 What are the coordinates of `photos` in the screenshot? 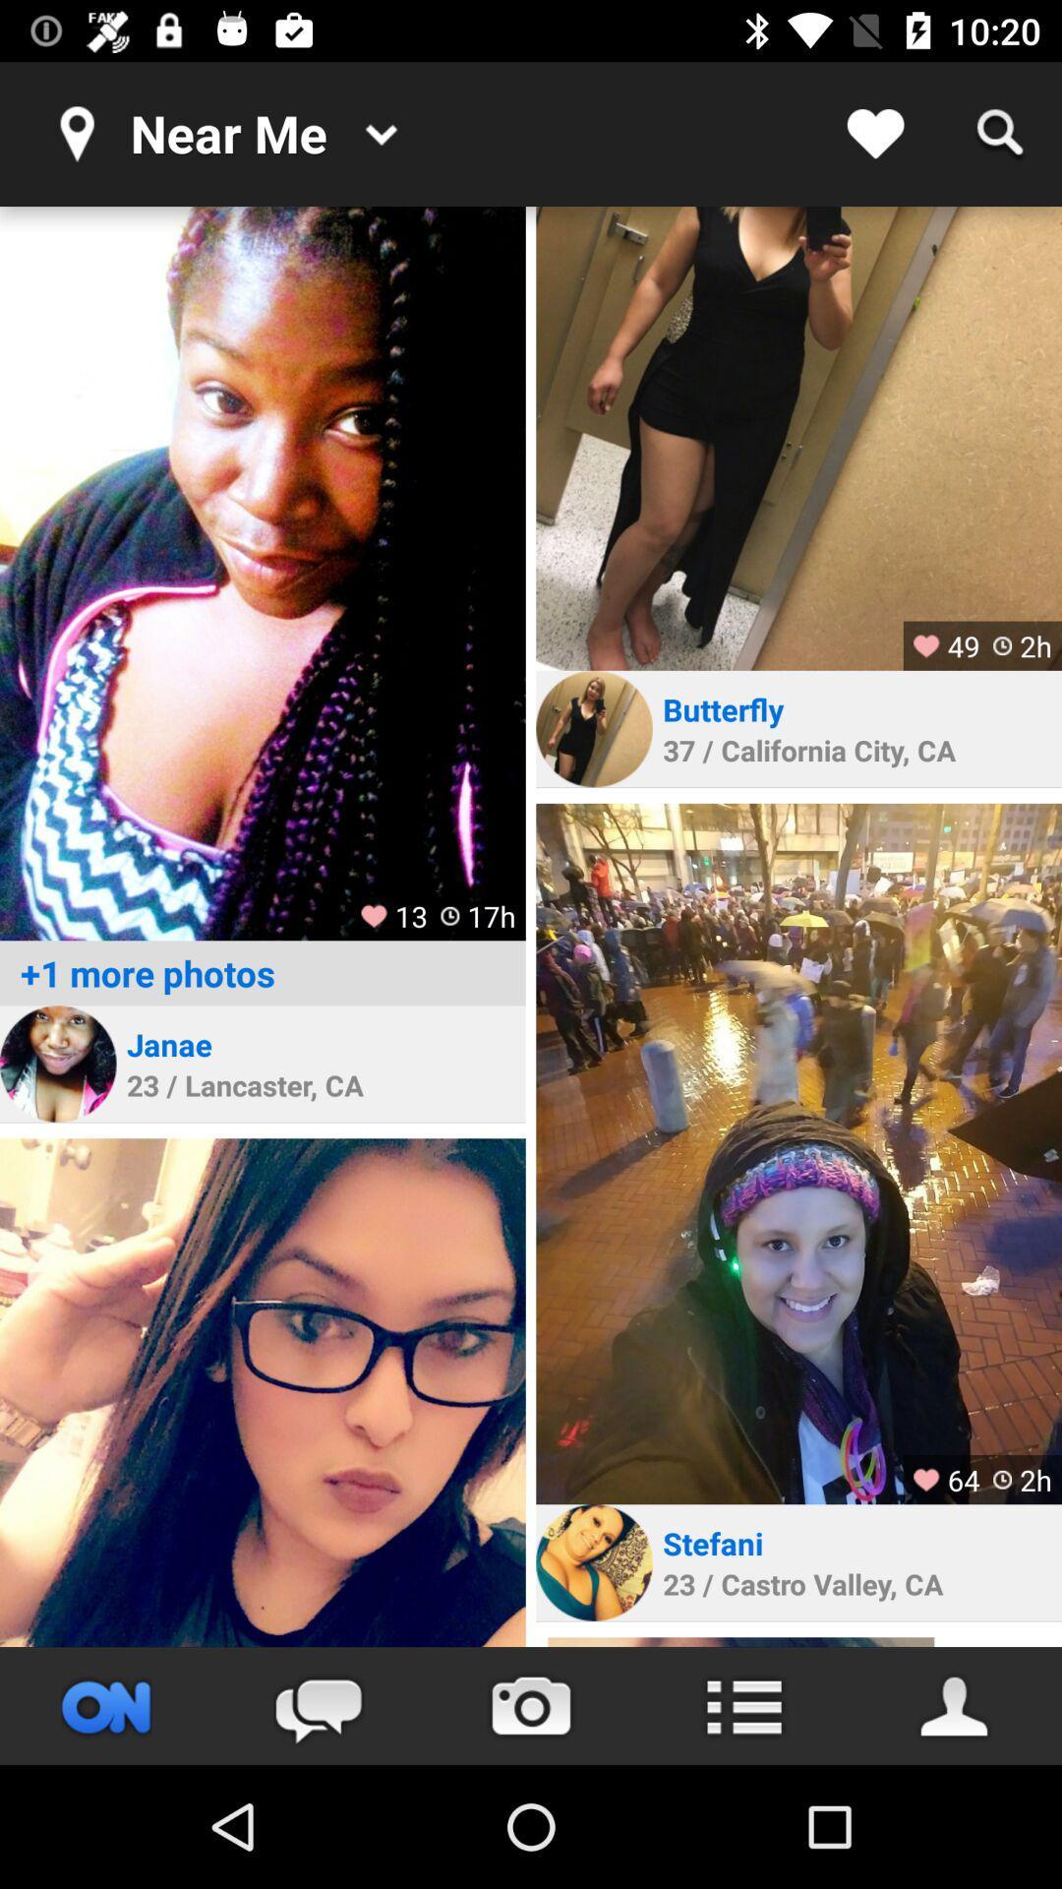 It's located at (262, 573).